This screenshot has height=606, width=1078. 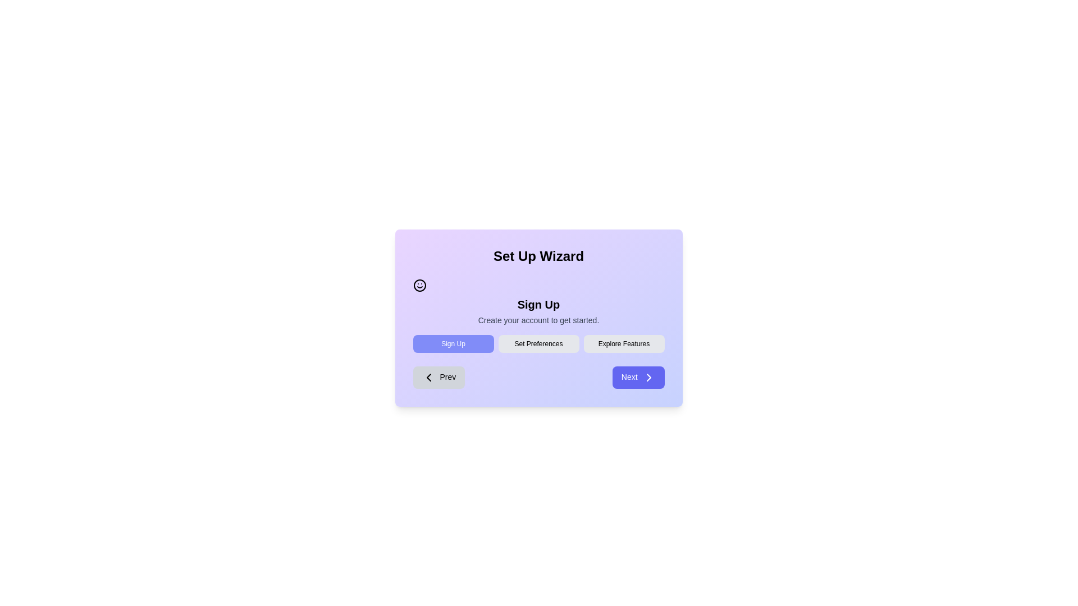 What do you see at coordinates (538, 302) in the screenshot?
I see `the Heading and subheading section with an icon to proceed to the buttons below labeled 'Sign Up', 'Set Preferences', and 'Explore Features'` at bounding box center [538, 302].